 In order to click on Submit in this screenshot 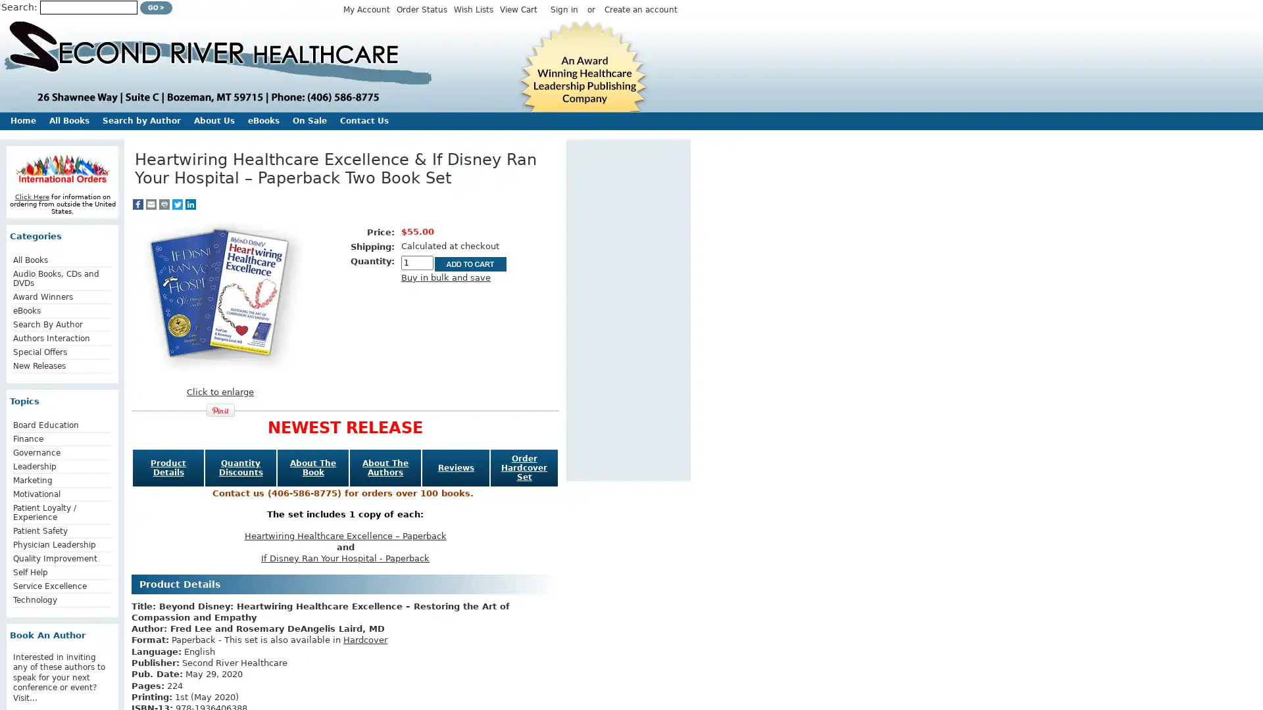, I will do `click(156, 7)`.